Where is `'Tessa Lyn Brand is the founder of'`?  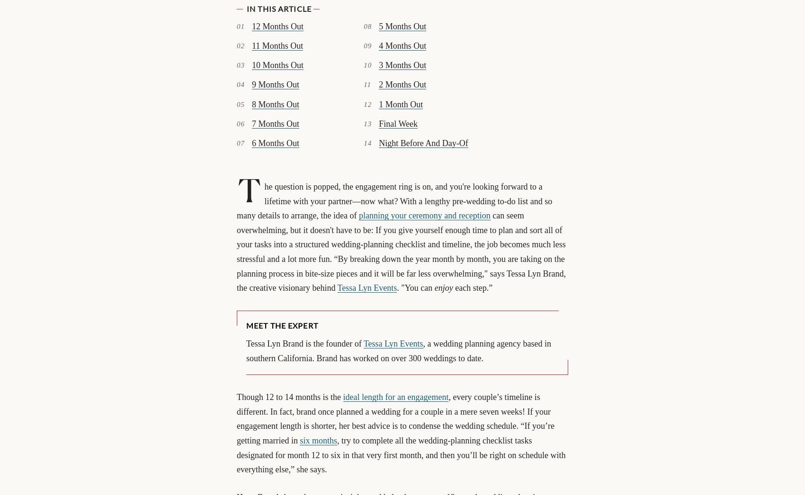
'Tessa Lyn Brand is the founder of' is located at coordinates (304, 344).